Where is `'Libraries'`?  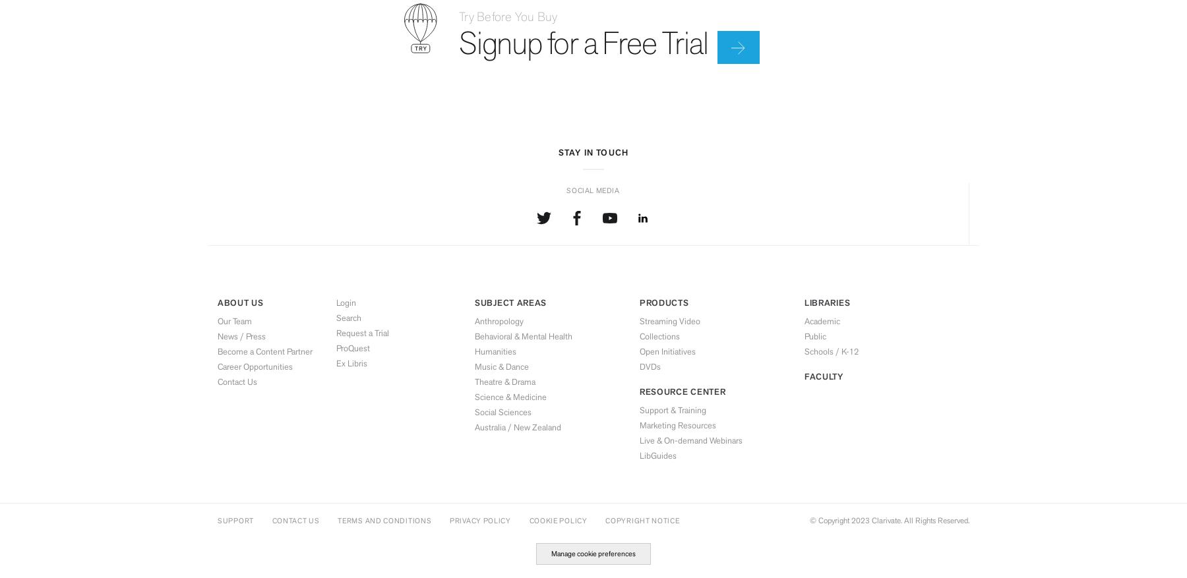 'Libraries' is located at coordinates (827, 302).